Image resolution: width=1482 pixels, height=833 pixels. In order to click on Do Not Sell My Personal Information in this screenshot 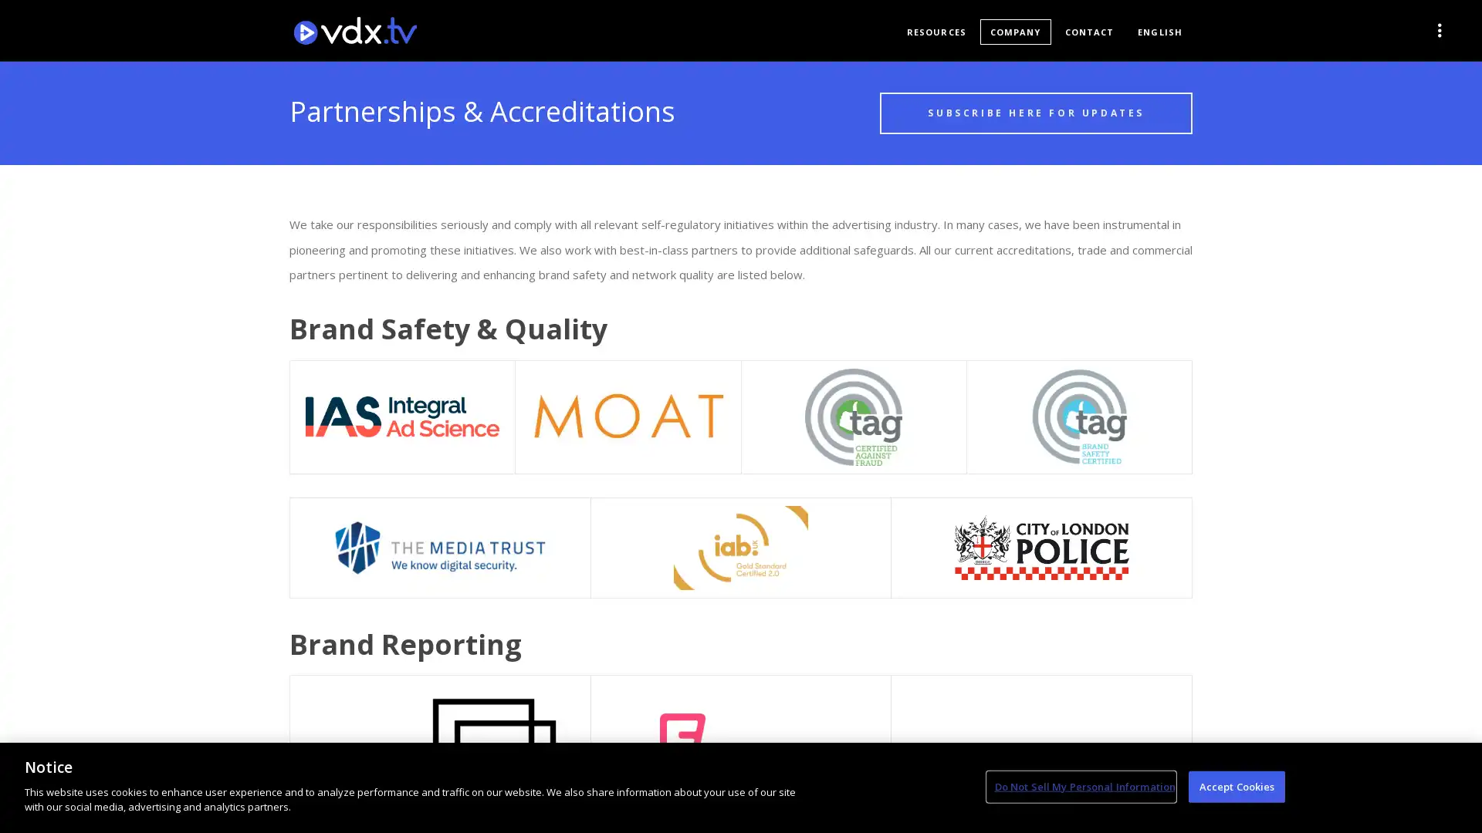, I will do `click(1080, 786)`.